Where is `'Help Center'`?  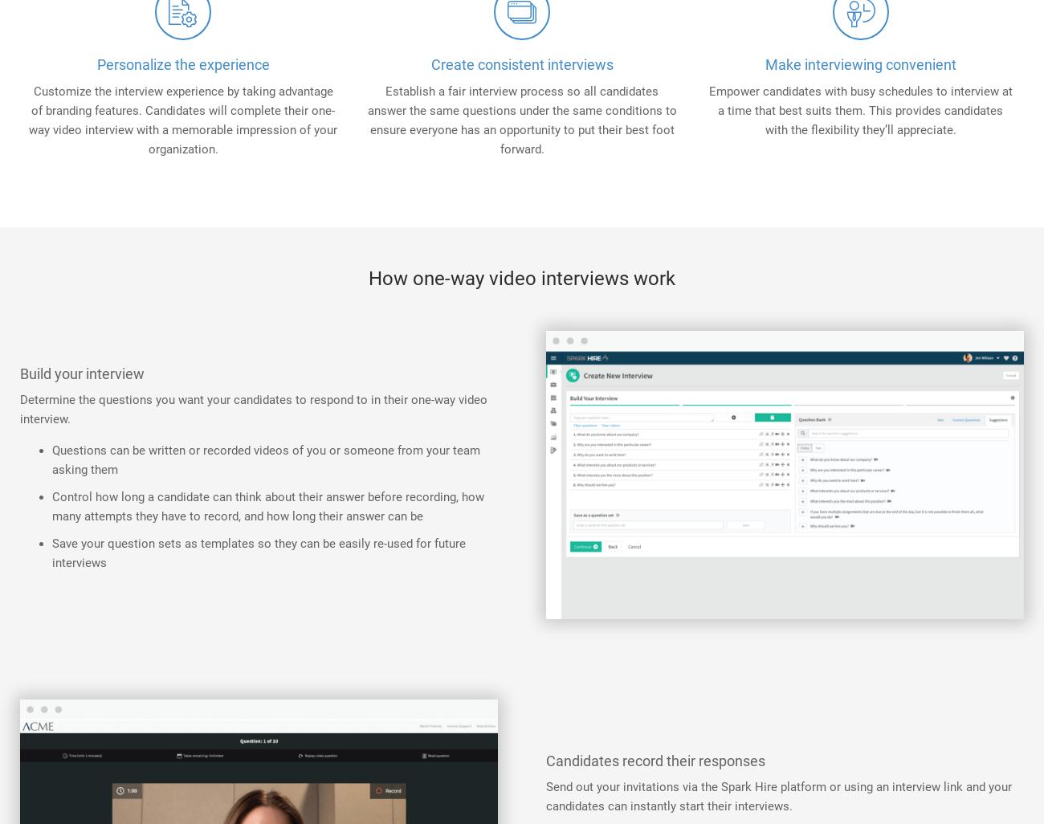 'Help Center' is located at coordinates (686, 150).